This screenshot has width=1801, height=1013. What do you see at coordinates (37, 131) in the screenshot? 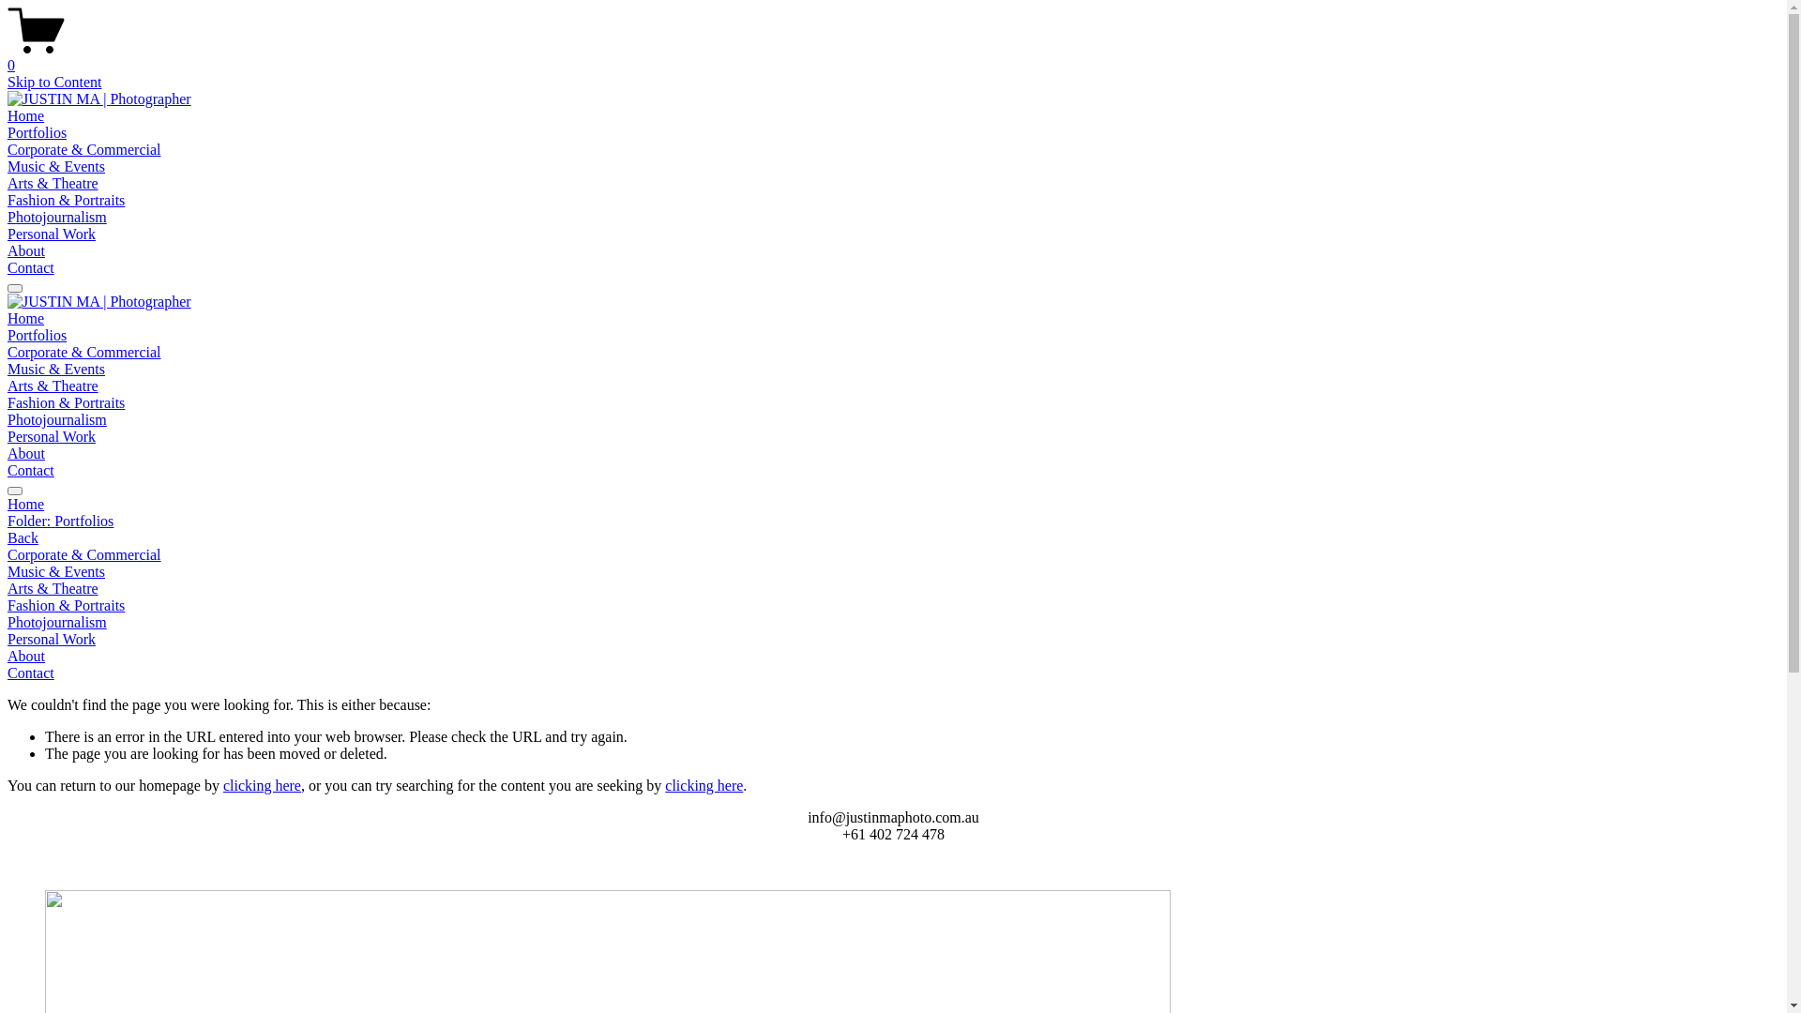
I see `'Portfolios'` at bounding box center [37, 131].